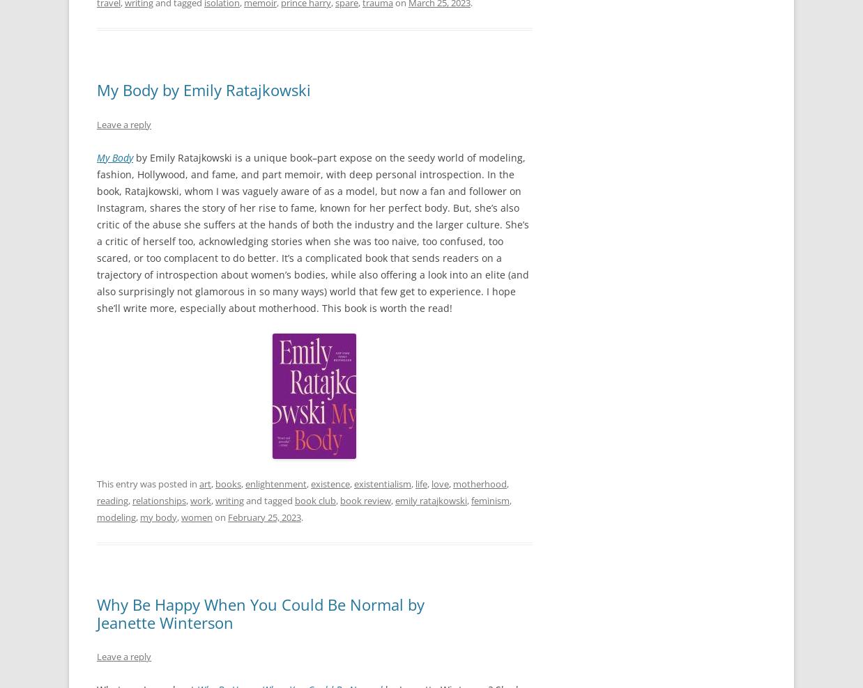 The width and height of the screenshot is (863, 688). I want to click on 'feminism', so click(470, 499).